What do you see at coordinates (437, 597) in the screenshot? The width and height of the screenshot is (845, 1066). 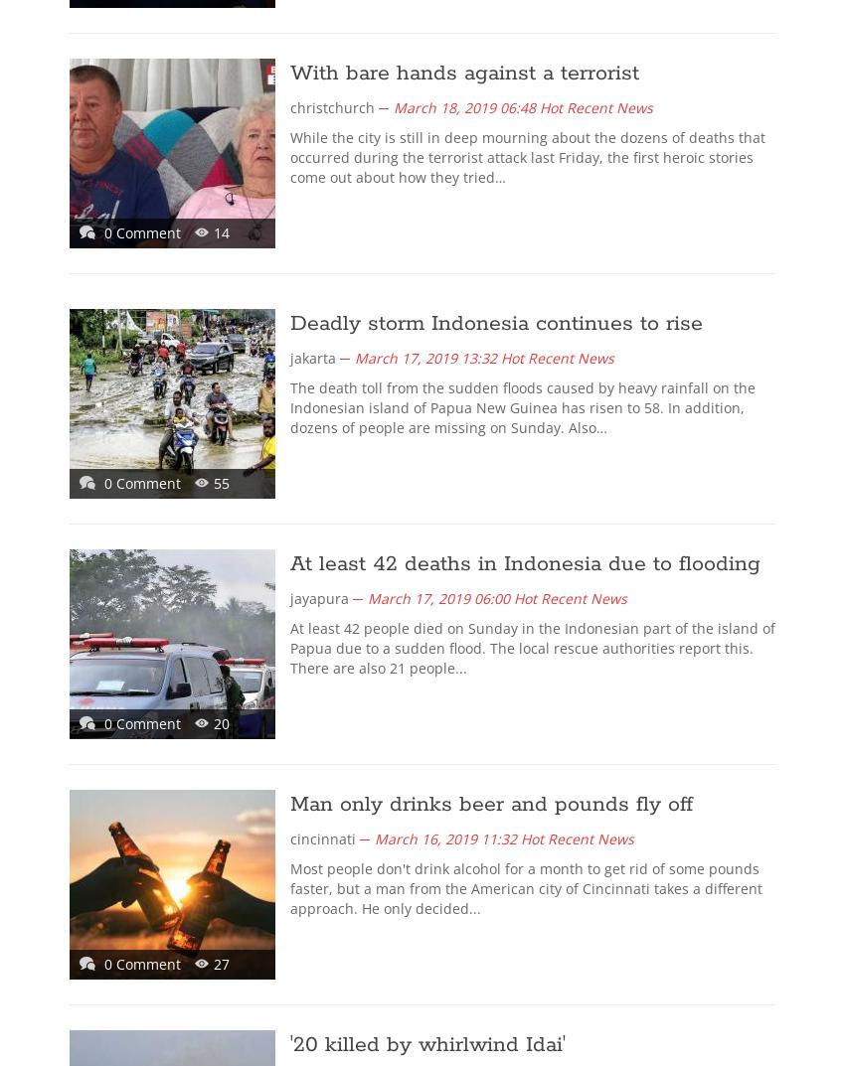 I see `'March 17, 2019 06:00'` at bounding box center [437, 597].